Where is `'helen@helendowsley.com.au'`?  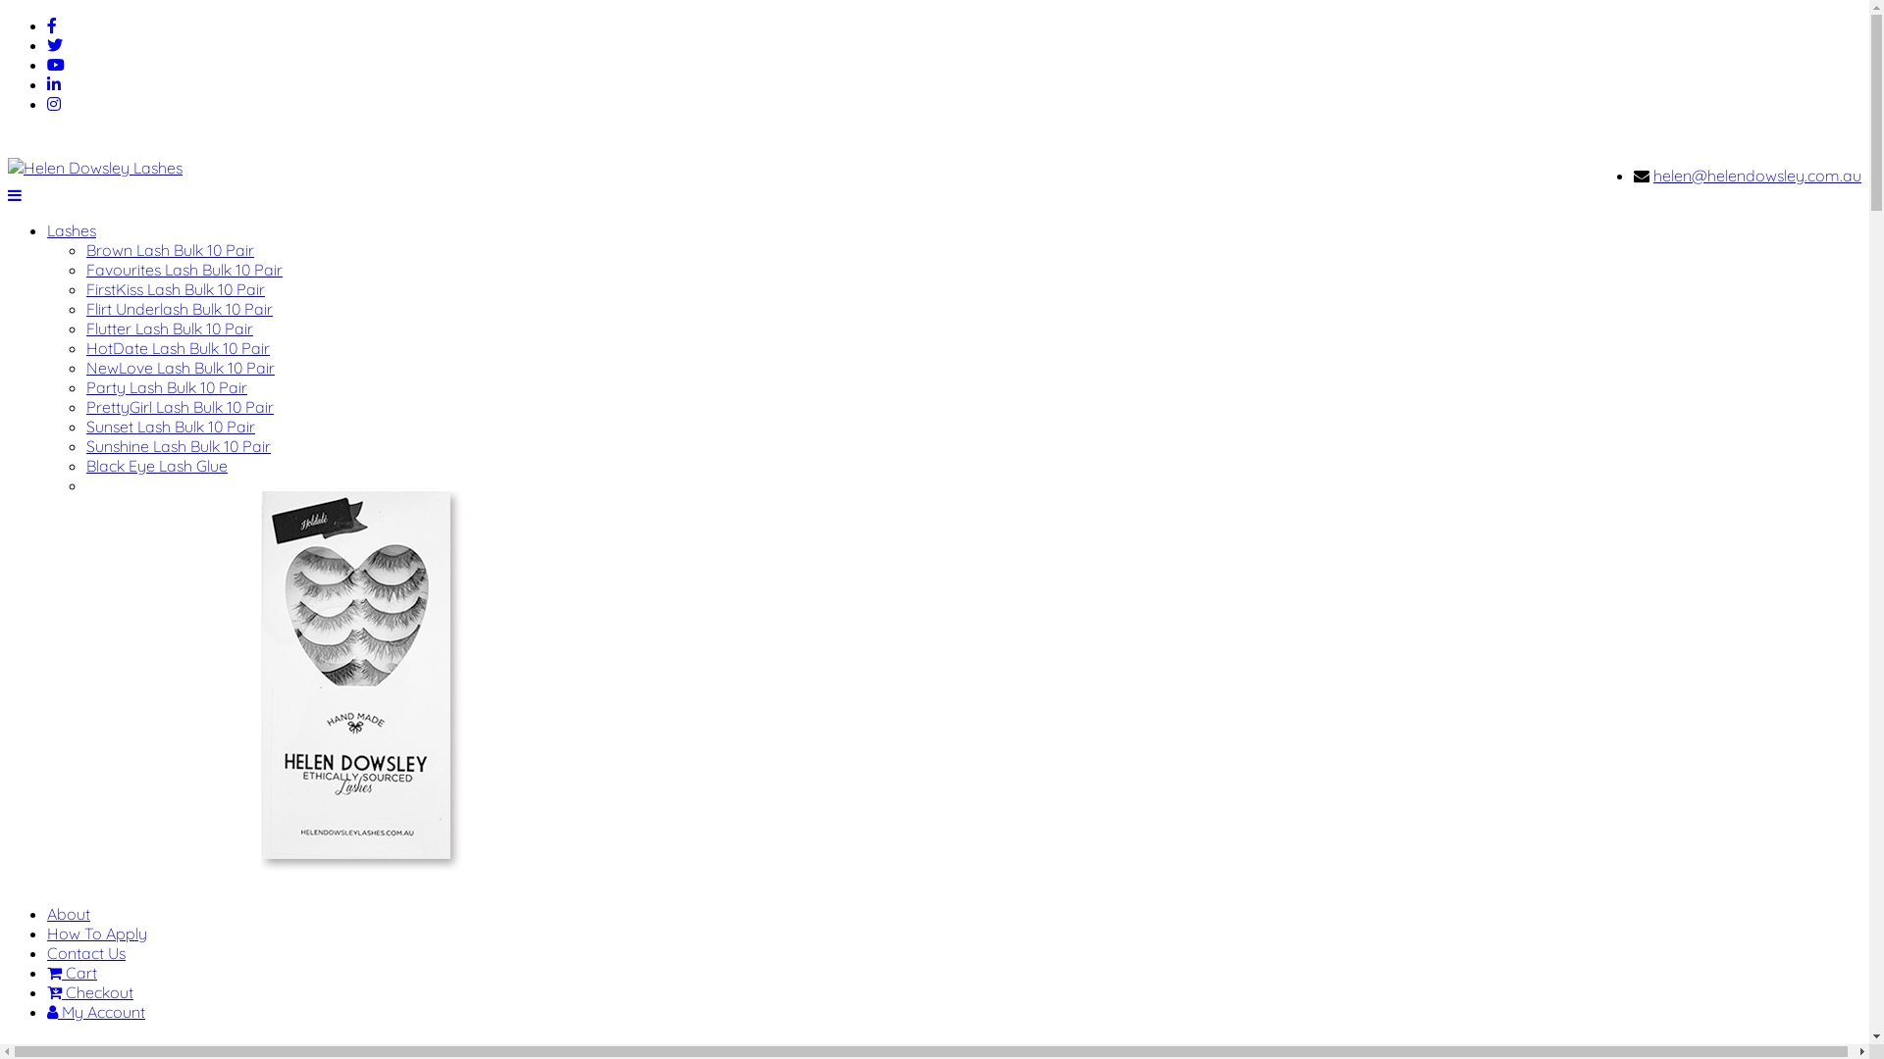 'helen@helendowsley.com.au' is located at coordinates (1756, 174).